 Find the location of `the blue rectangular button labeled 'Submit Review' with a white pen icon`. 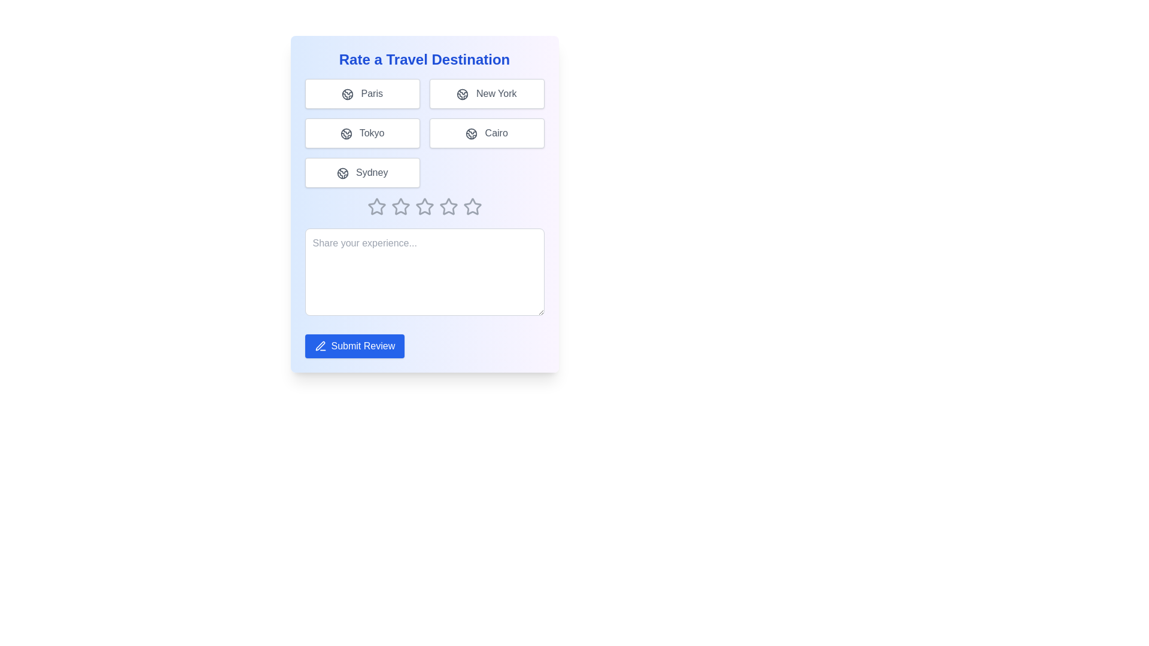

the blue rectangular button labeled 'Submit Review' with a white pen icon is located at coordinates (354, 346).